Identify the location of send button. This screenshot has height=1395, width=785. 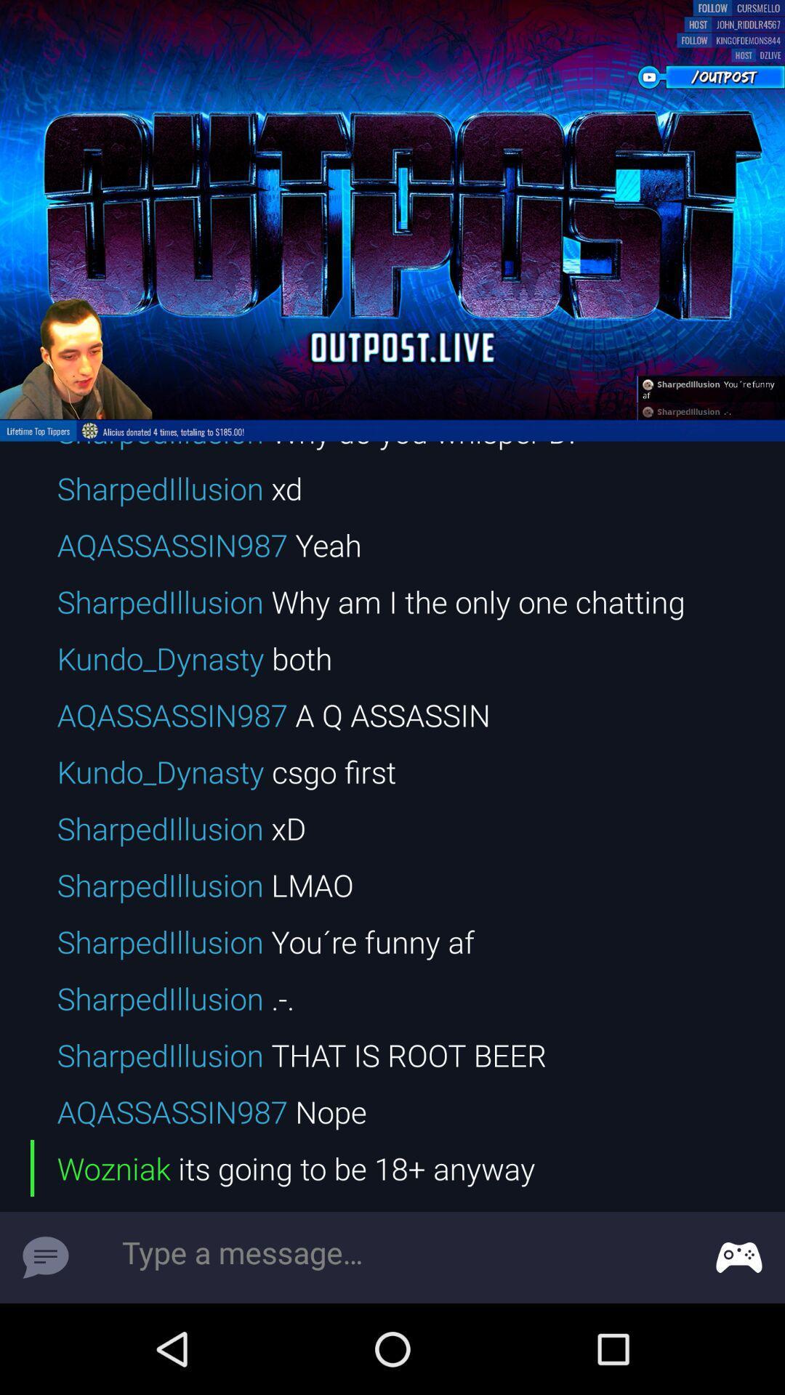
(44, 1257).